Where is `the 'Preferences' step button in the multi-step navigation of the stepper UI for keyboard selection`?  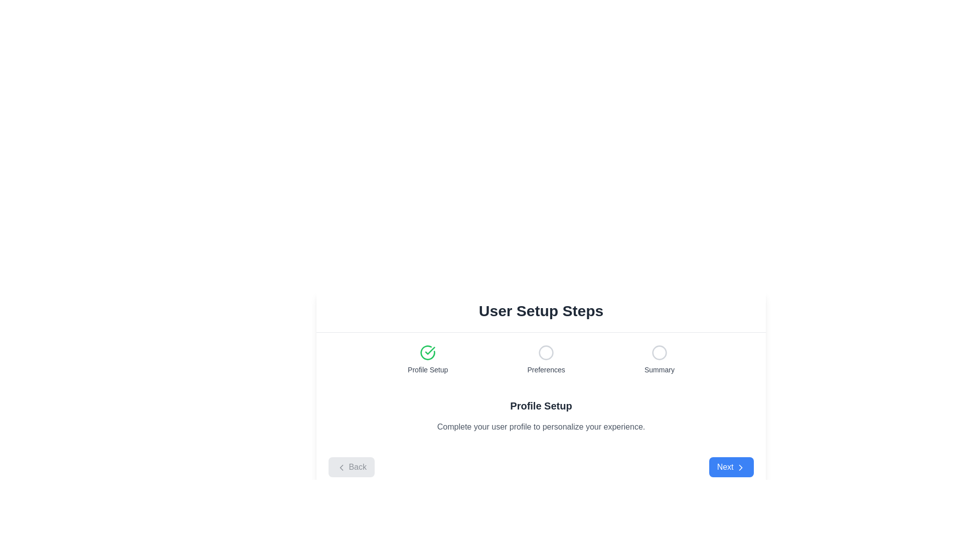
the 'Preferences' step button in the multi-step navigation of the stepper UI for keyboard selection is located at coordinates (541, 359).